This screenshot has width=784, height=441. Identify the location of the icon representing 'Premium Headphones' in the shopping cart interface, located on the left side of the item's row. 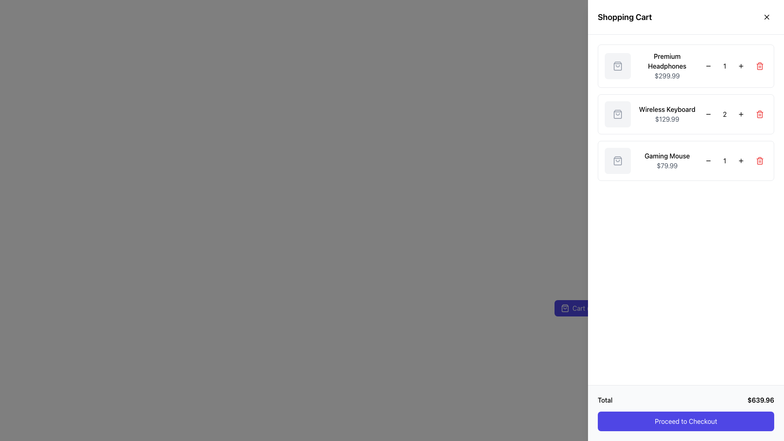
(617, 66).